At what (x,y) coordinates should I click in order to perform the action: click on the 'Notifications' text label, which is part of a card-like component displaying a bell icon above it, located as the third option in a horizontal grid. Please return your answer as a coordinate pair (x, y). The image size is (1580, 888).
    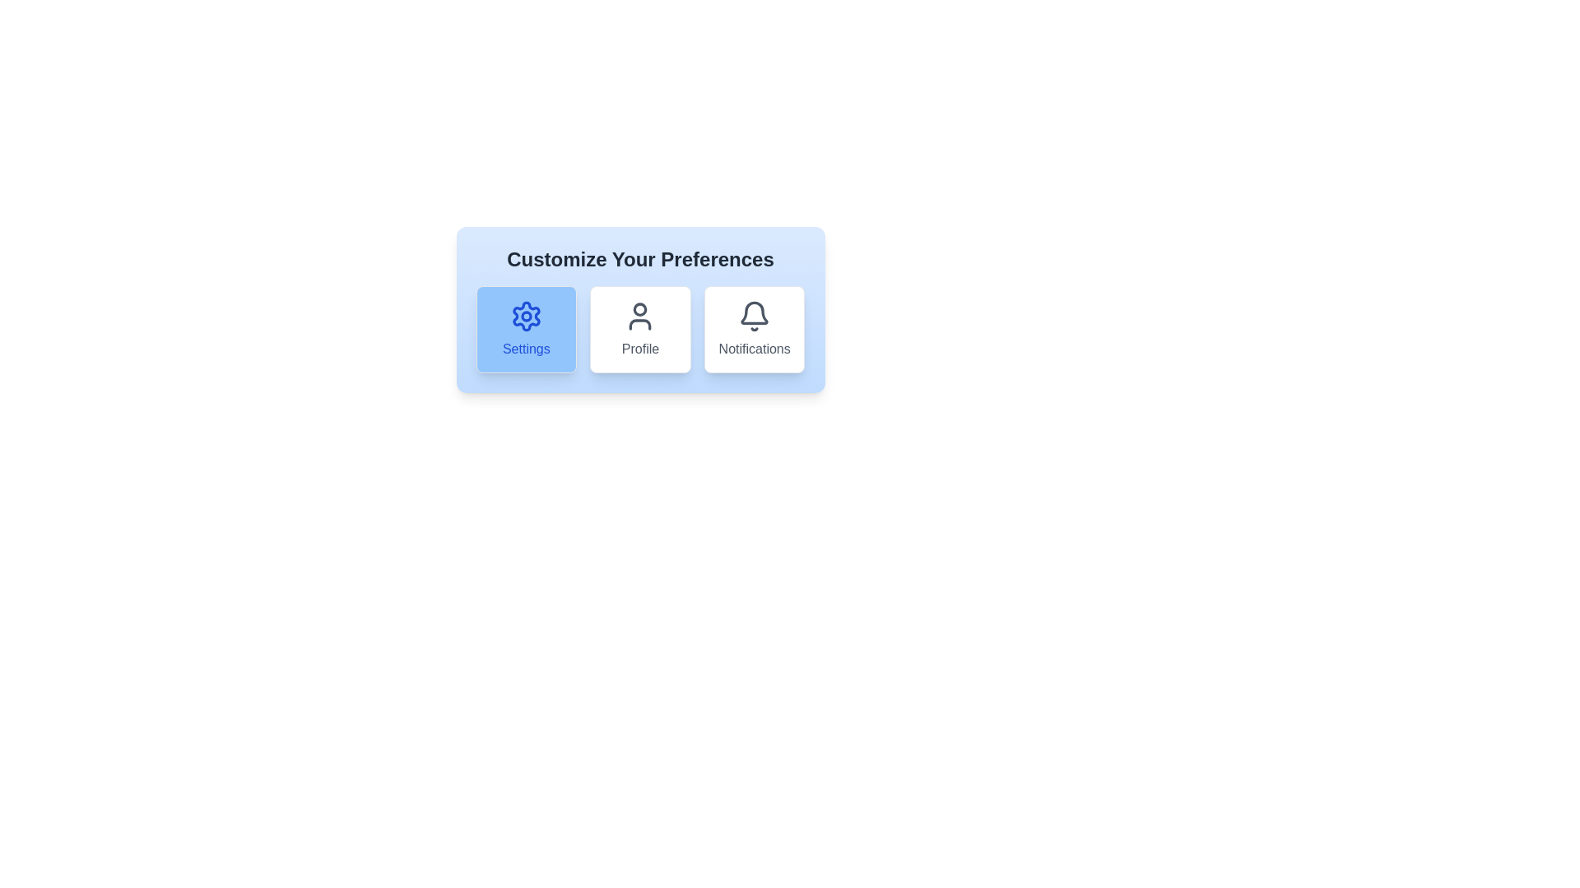
    Looking at the image, I should click on (754, 348).